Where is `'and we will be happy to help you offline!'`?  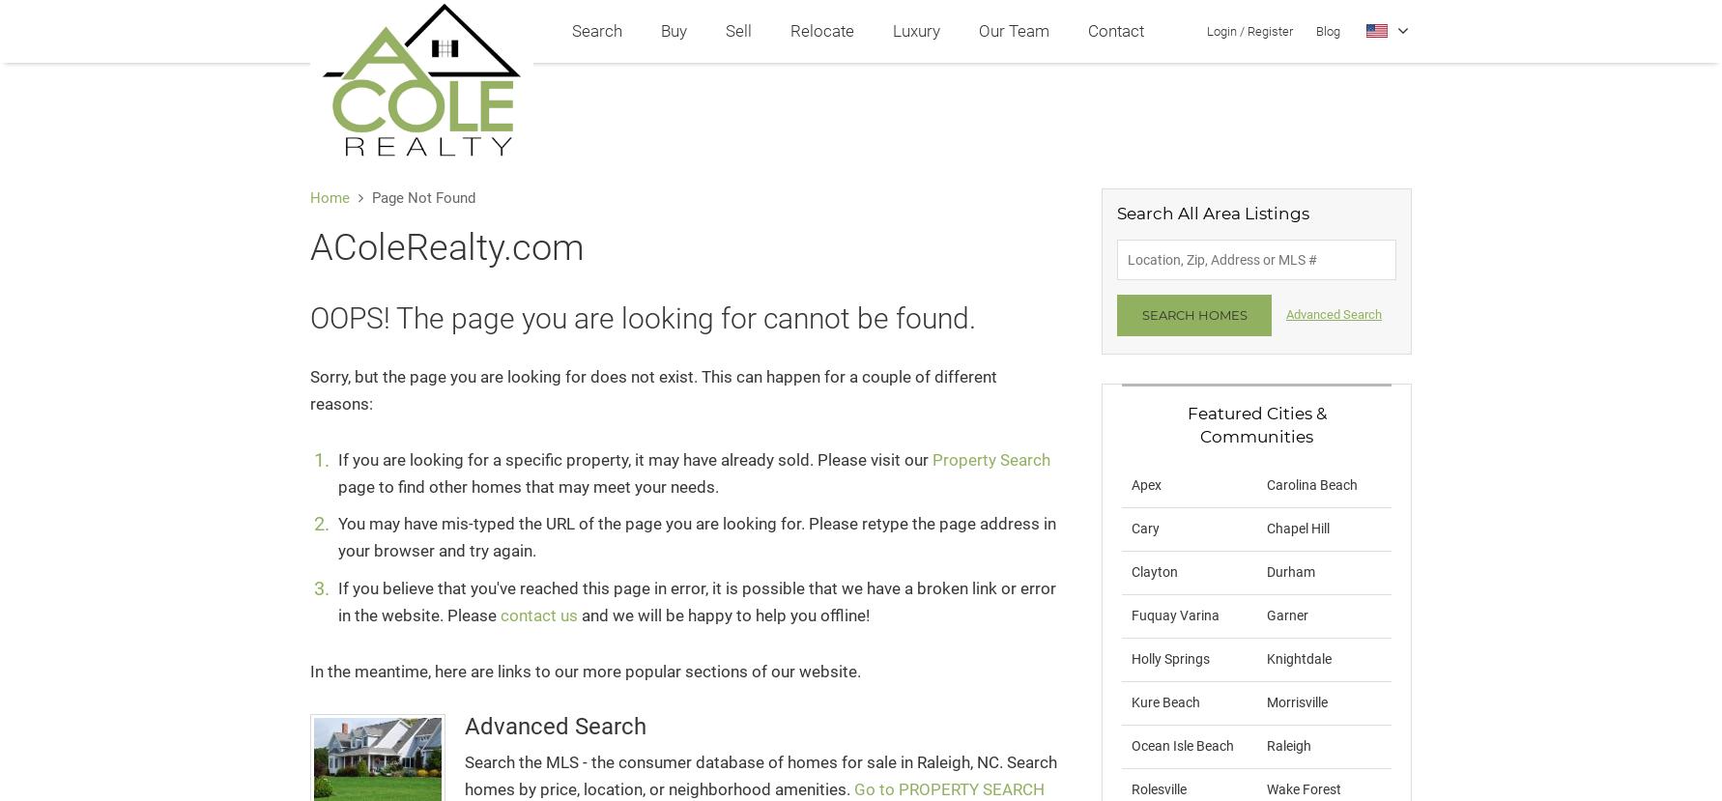 'and we will be happy to help you offline!' is located at coordinates (725, 615).